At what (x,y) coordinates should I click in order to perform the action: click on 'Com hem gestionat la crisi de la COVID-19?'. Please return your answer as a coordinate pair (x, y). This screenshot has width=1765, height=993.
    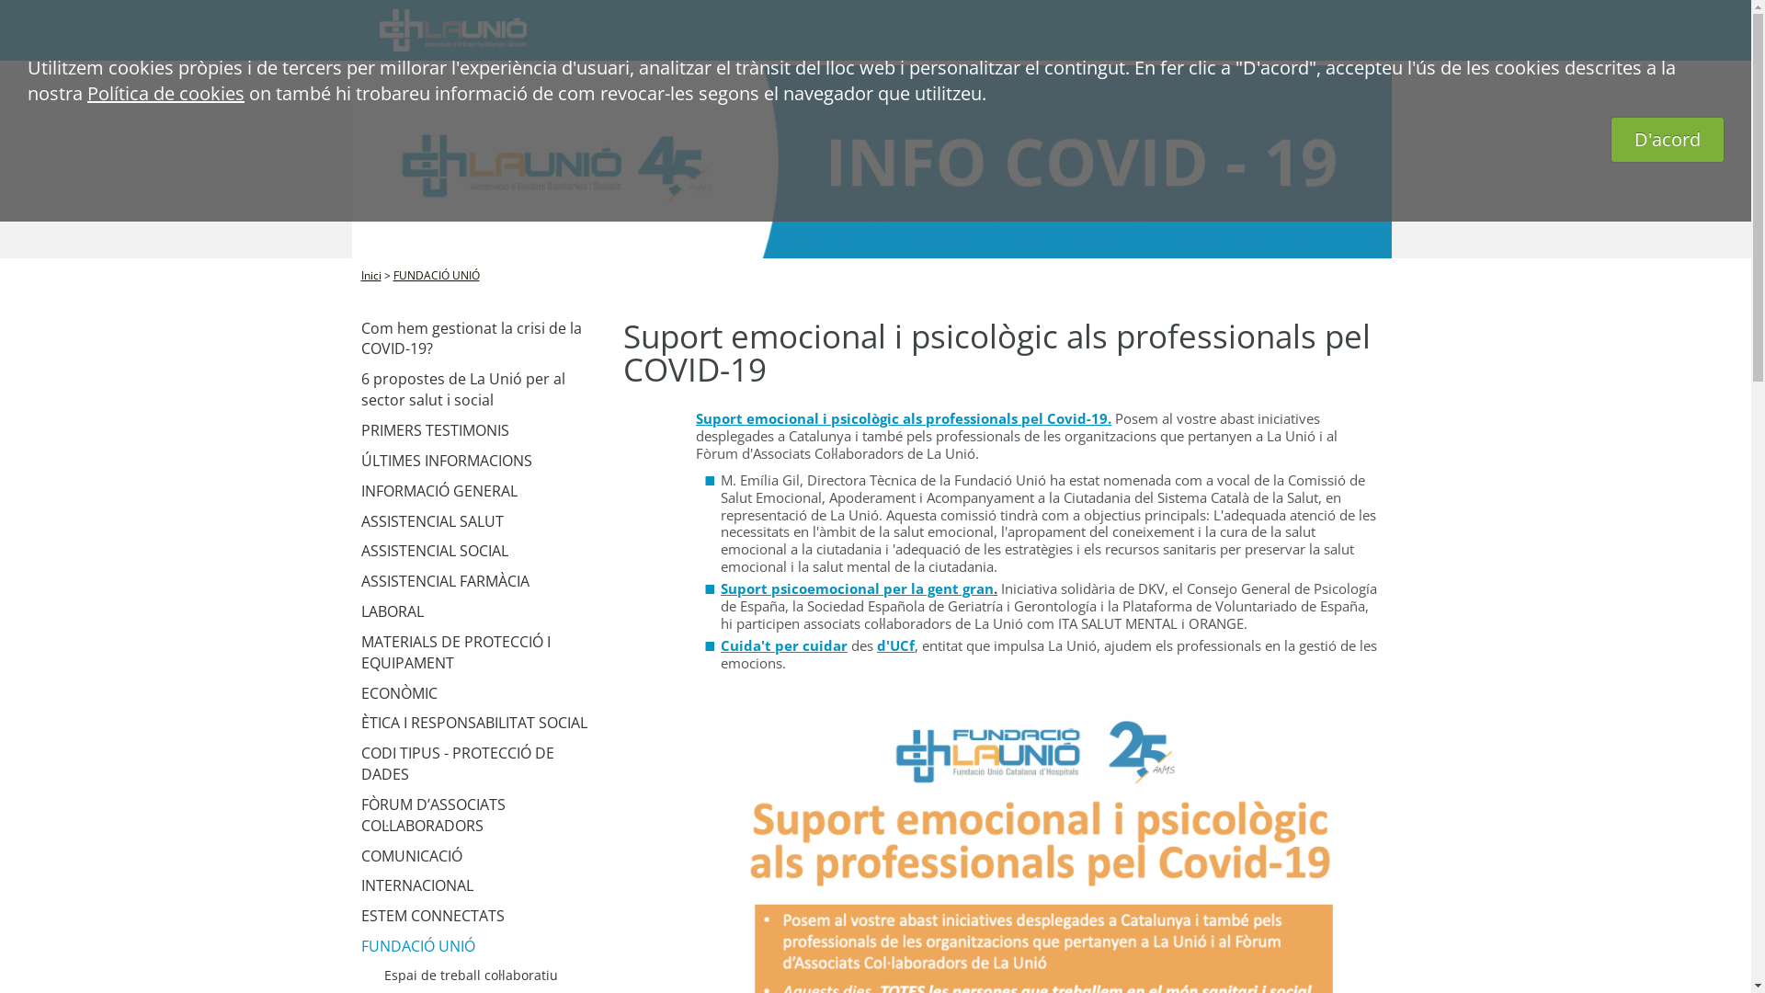
    Looking at the image, I should click on (482, 339).